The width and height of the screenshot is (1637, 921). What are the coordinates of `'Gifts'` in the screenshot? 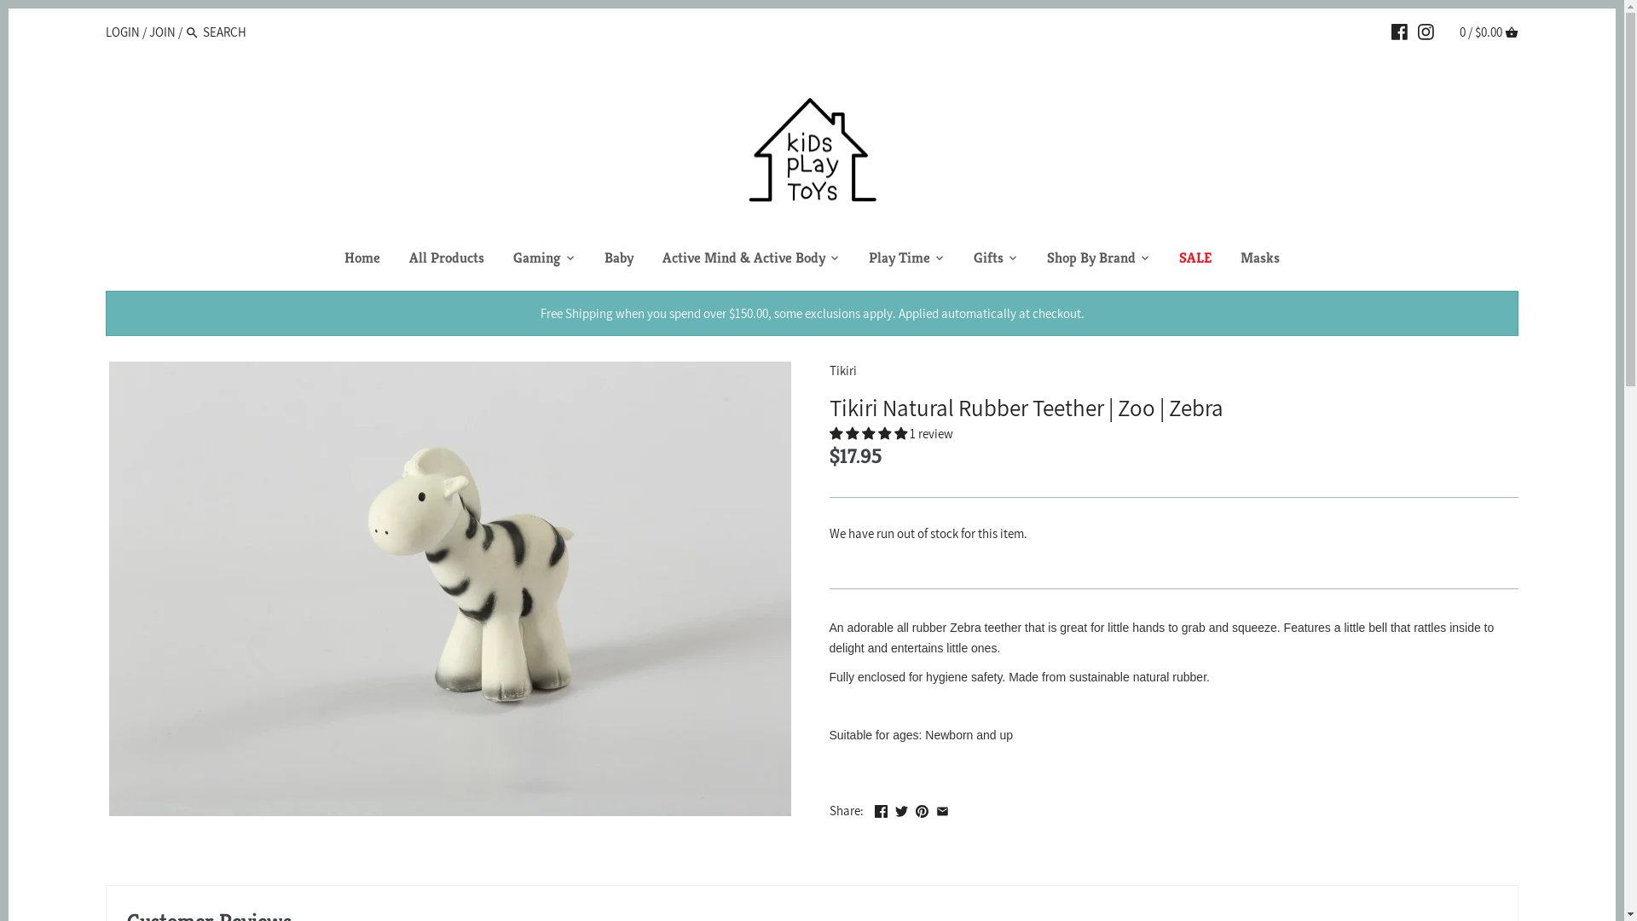 It's located at (958, 259).